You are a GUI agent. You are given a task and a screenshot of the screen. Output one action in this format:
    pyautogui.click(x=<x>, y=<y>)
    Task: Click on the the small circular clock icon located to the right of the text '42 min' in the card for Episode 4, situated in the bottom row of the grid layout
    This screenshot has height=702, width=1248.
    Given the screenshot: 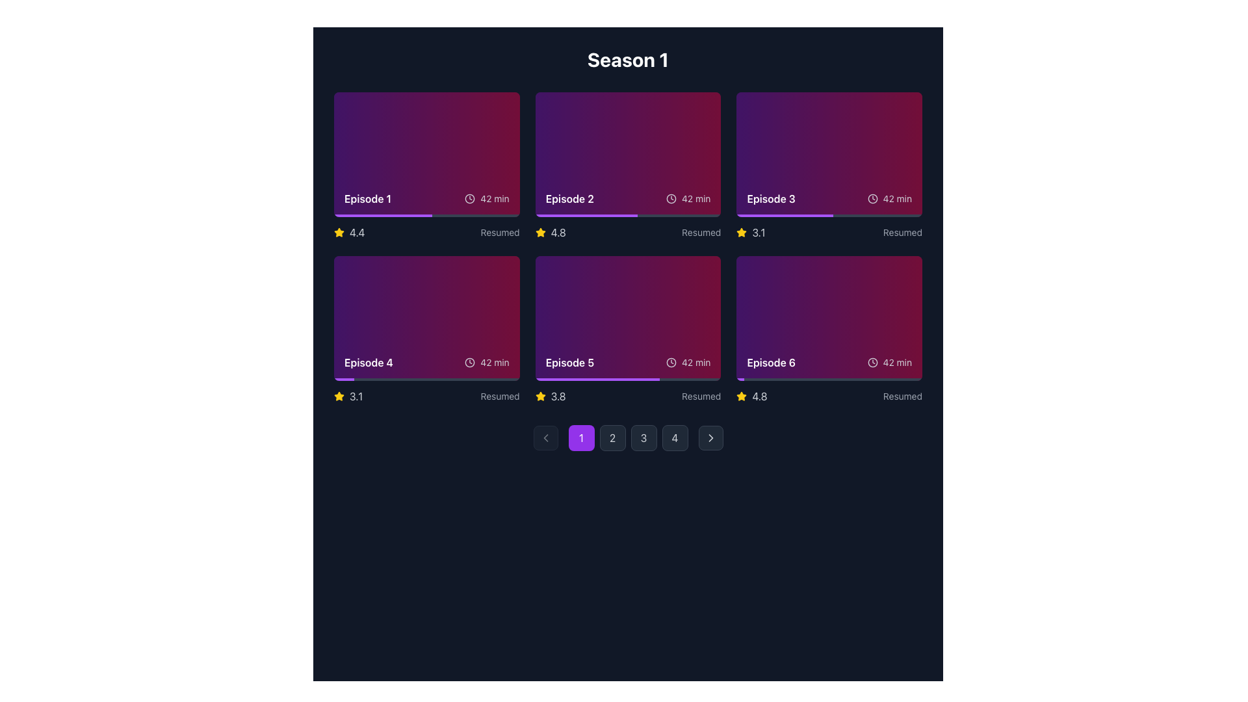 What is the action you would take?
    pyautogui.click(x=469, y=363)
    